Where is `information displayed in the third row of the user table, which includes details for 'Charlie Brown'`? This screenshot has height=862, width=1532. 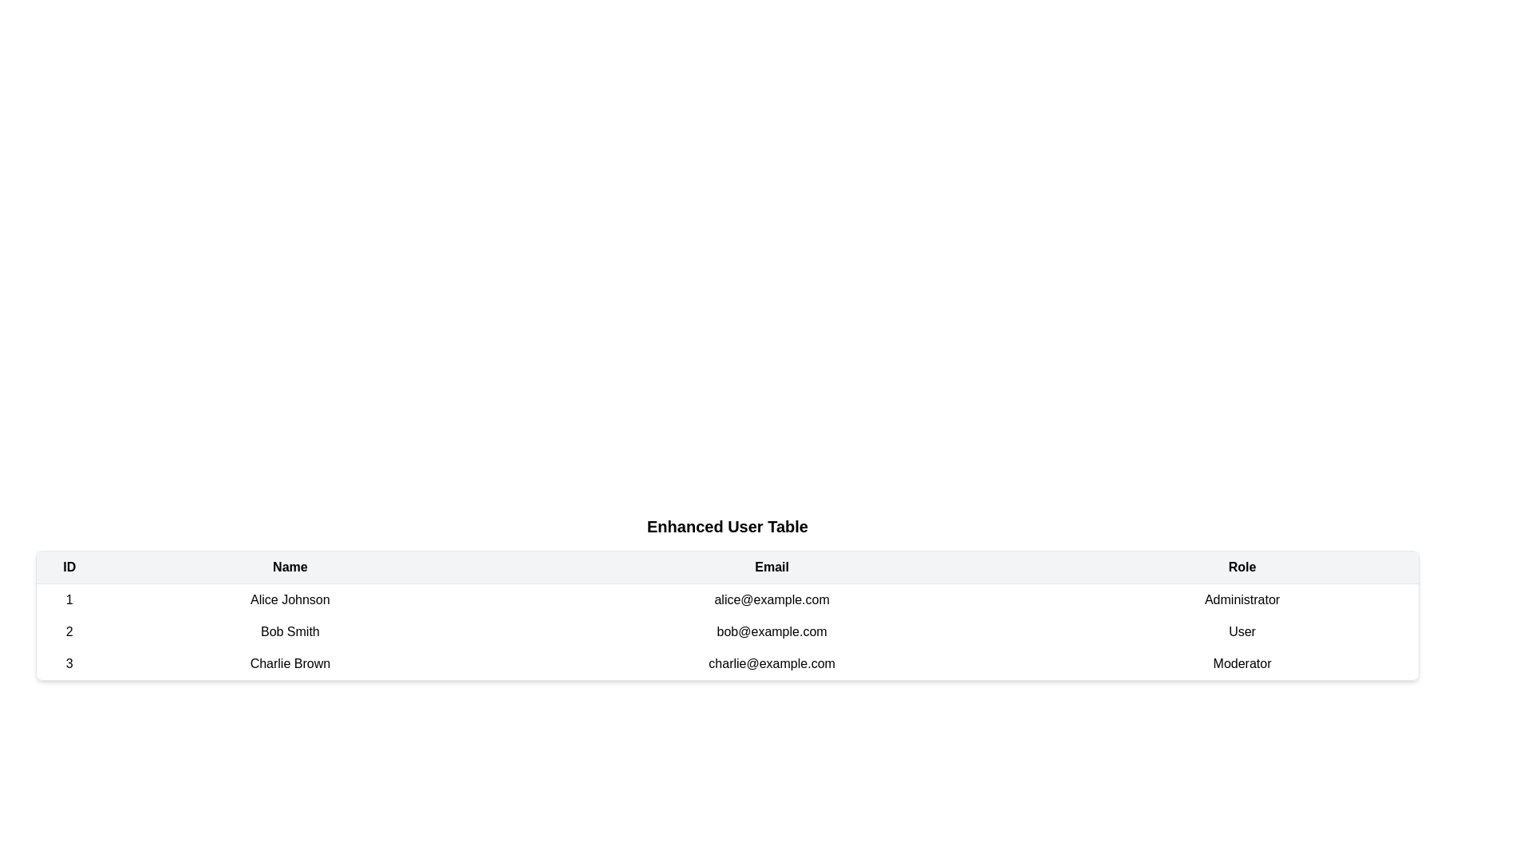 information displayed in the third row of the user table, which includes details for 'Charlie Brown' is located at coordinates (727, 664).